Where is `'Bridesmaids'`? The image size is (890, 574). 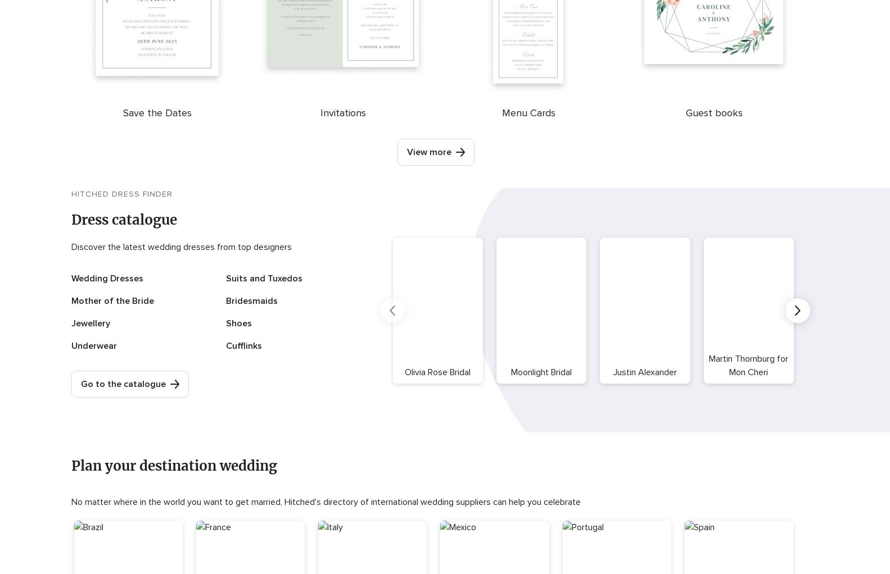
'Bridesmaids' is located at coordinates (251, 300).